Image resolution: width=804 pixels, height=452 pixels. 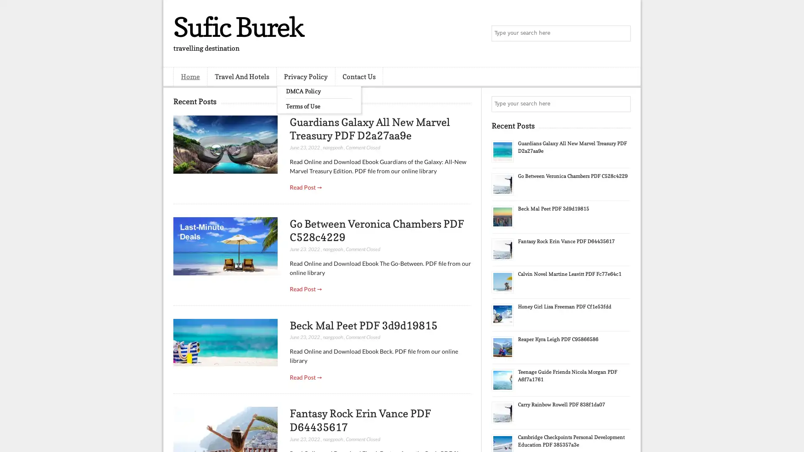 What do you see at coordinates (622, 33) in the screenshot?
I see `Search` at bounding box center [622, 33].